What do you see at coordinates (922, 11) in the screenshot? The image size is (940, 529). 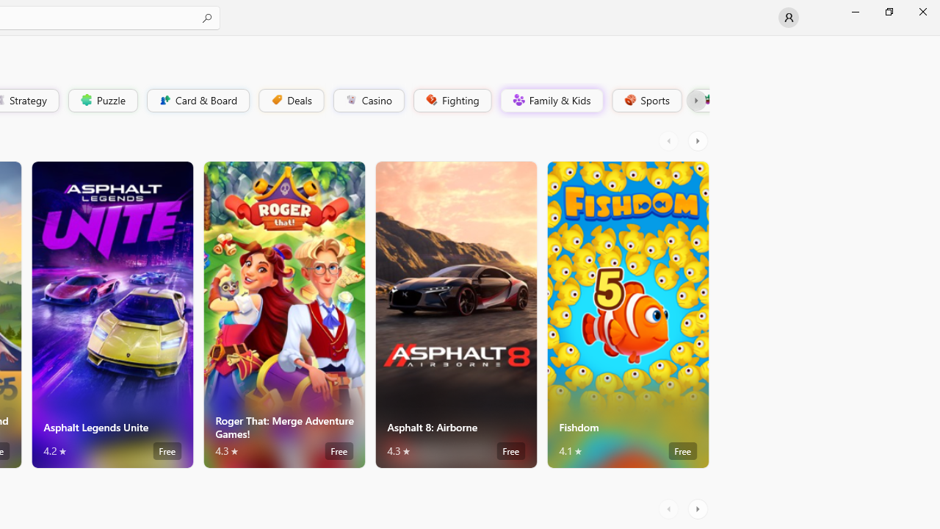 I see `'Close Microsoft Store'` at bounding box center [922, 11].